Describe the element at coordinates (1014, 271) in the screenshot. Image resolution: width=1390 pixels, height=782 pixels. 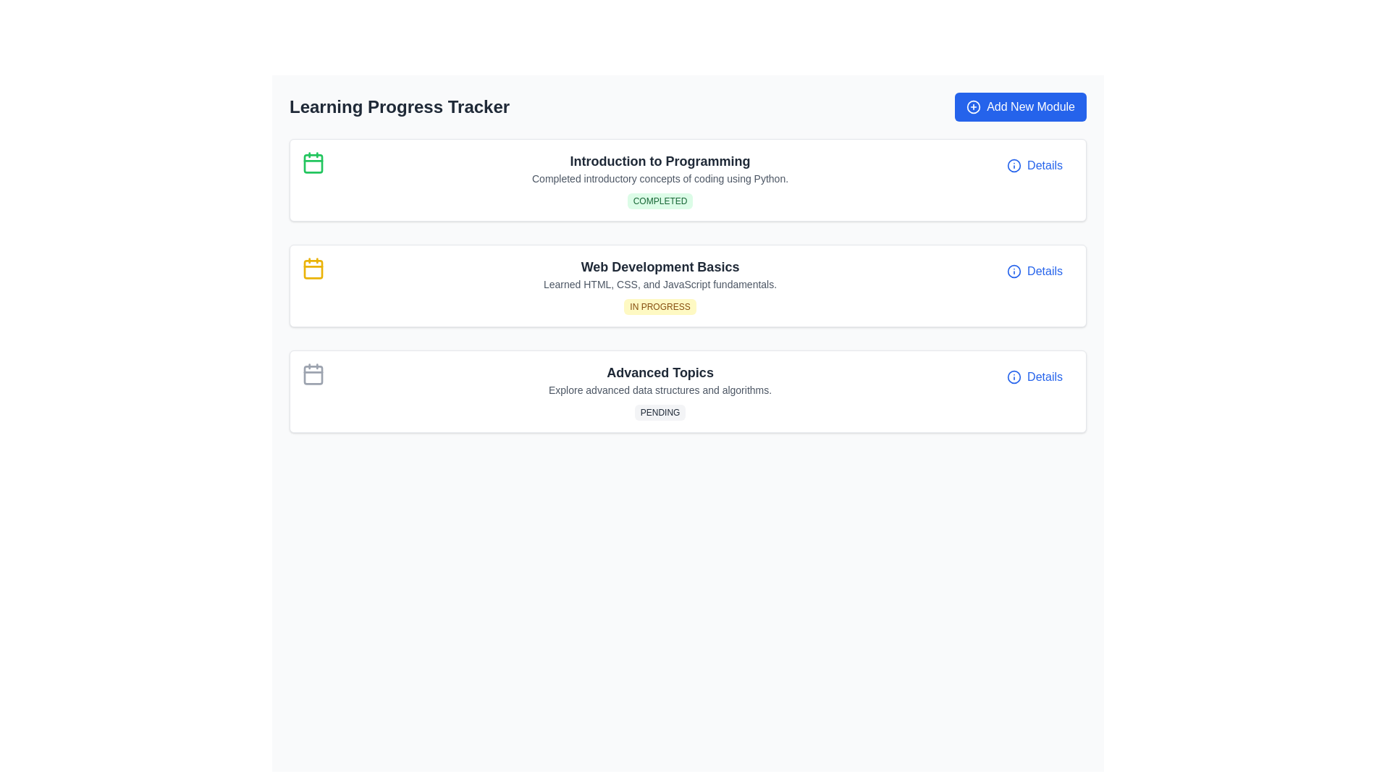
I see `the information icon located to the right of the 'Advanced Topics' section, adjacent to the 'Details' label` at that location.